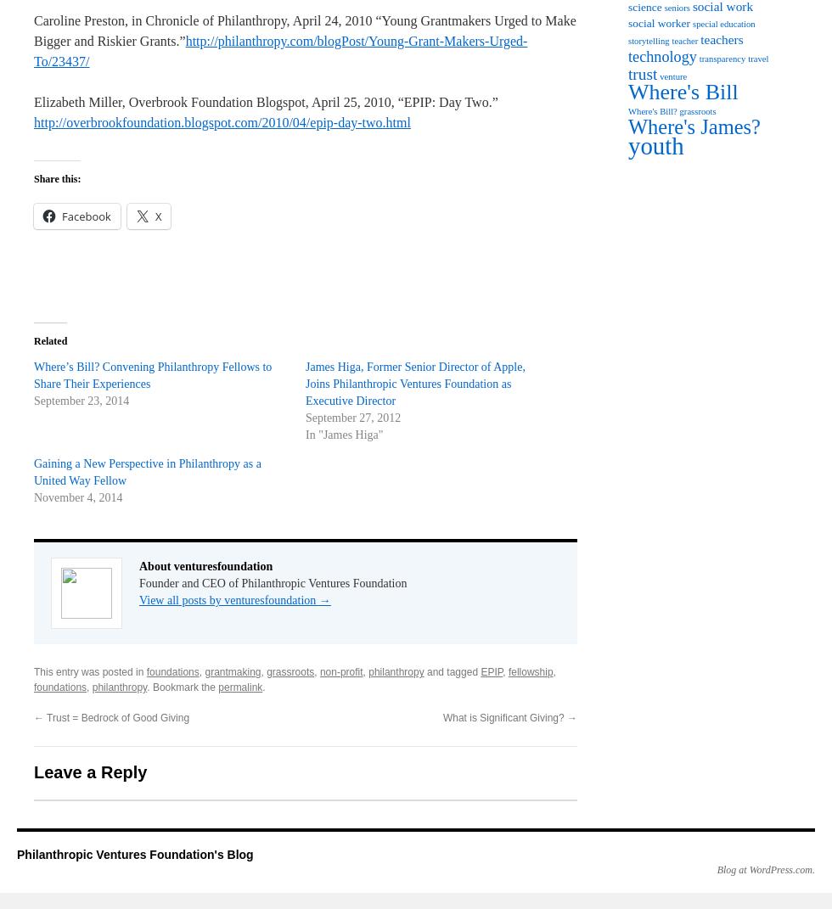 The height and width of the screenshot is (909, 832). What do you see at coordinates (642, 74) in the screenshot?
I see `'trust'` at bounding box center [642, 74].